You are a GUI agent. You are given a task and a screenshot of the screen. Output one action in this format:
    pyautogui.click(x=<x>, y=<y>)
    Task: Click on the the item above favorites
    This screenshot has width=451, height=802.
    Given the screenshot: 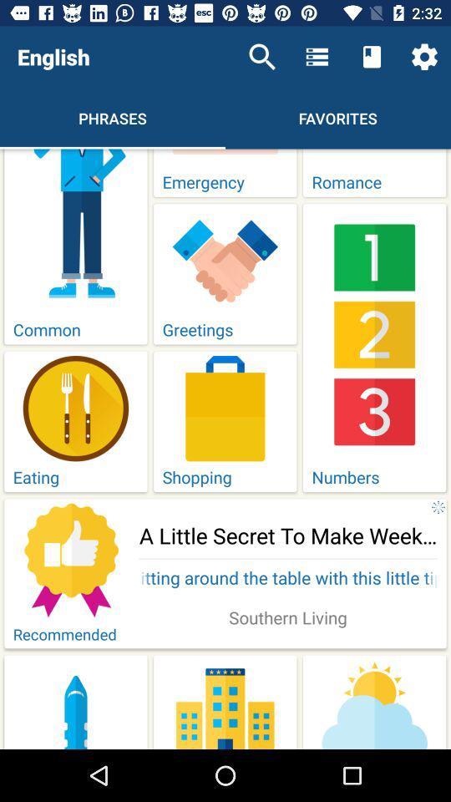 What is the action you would take?
    pyautogui.click(x=372, y=57)
    